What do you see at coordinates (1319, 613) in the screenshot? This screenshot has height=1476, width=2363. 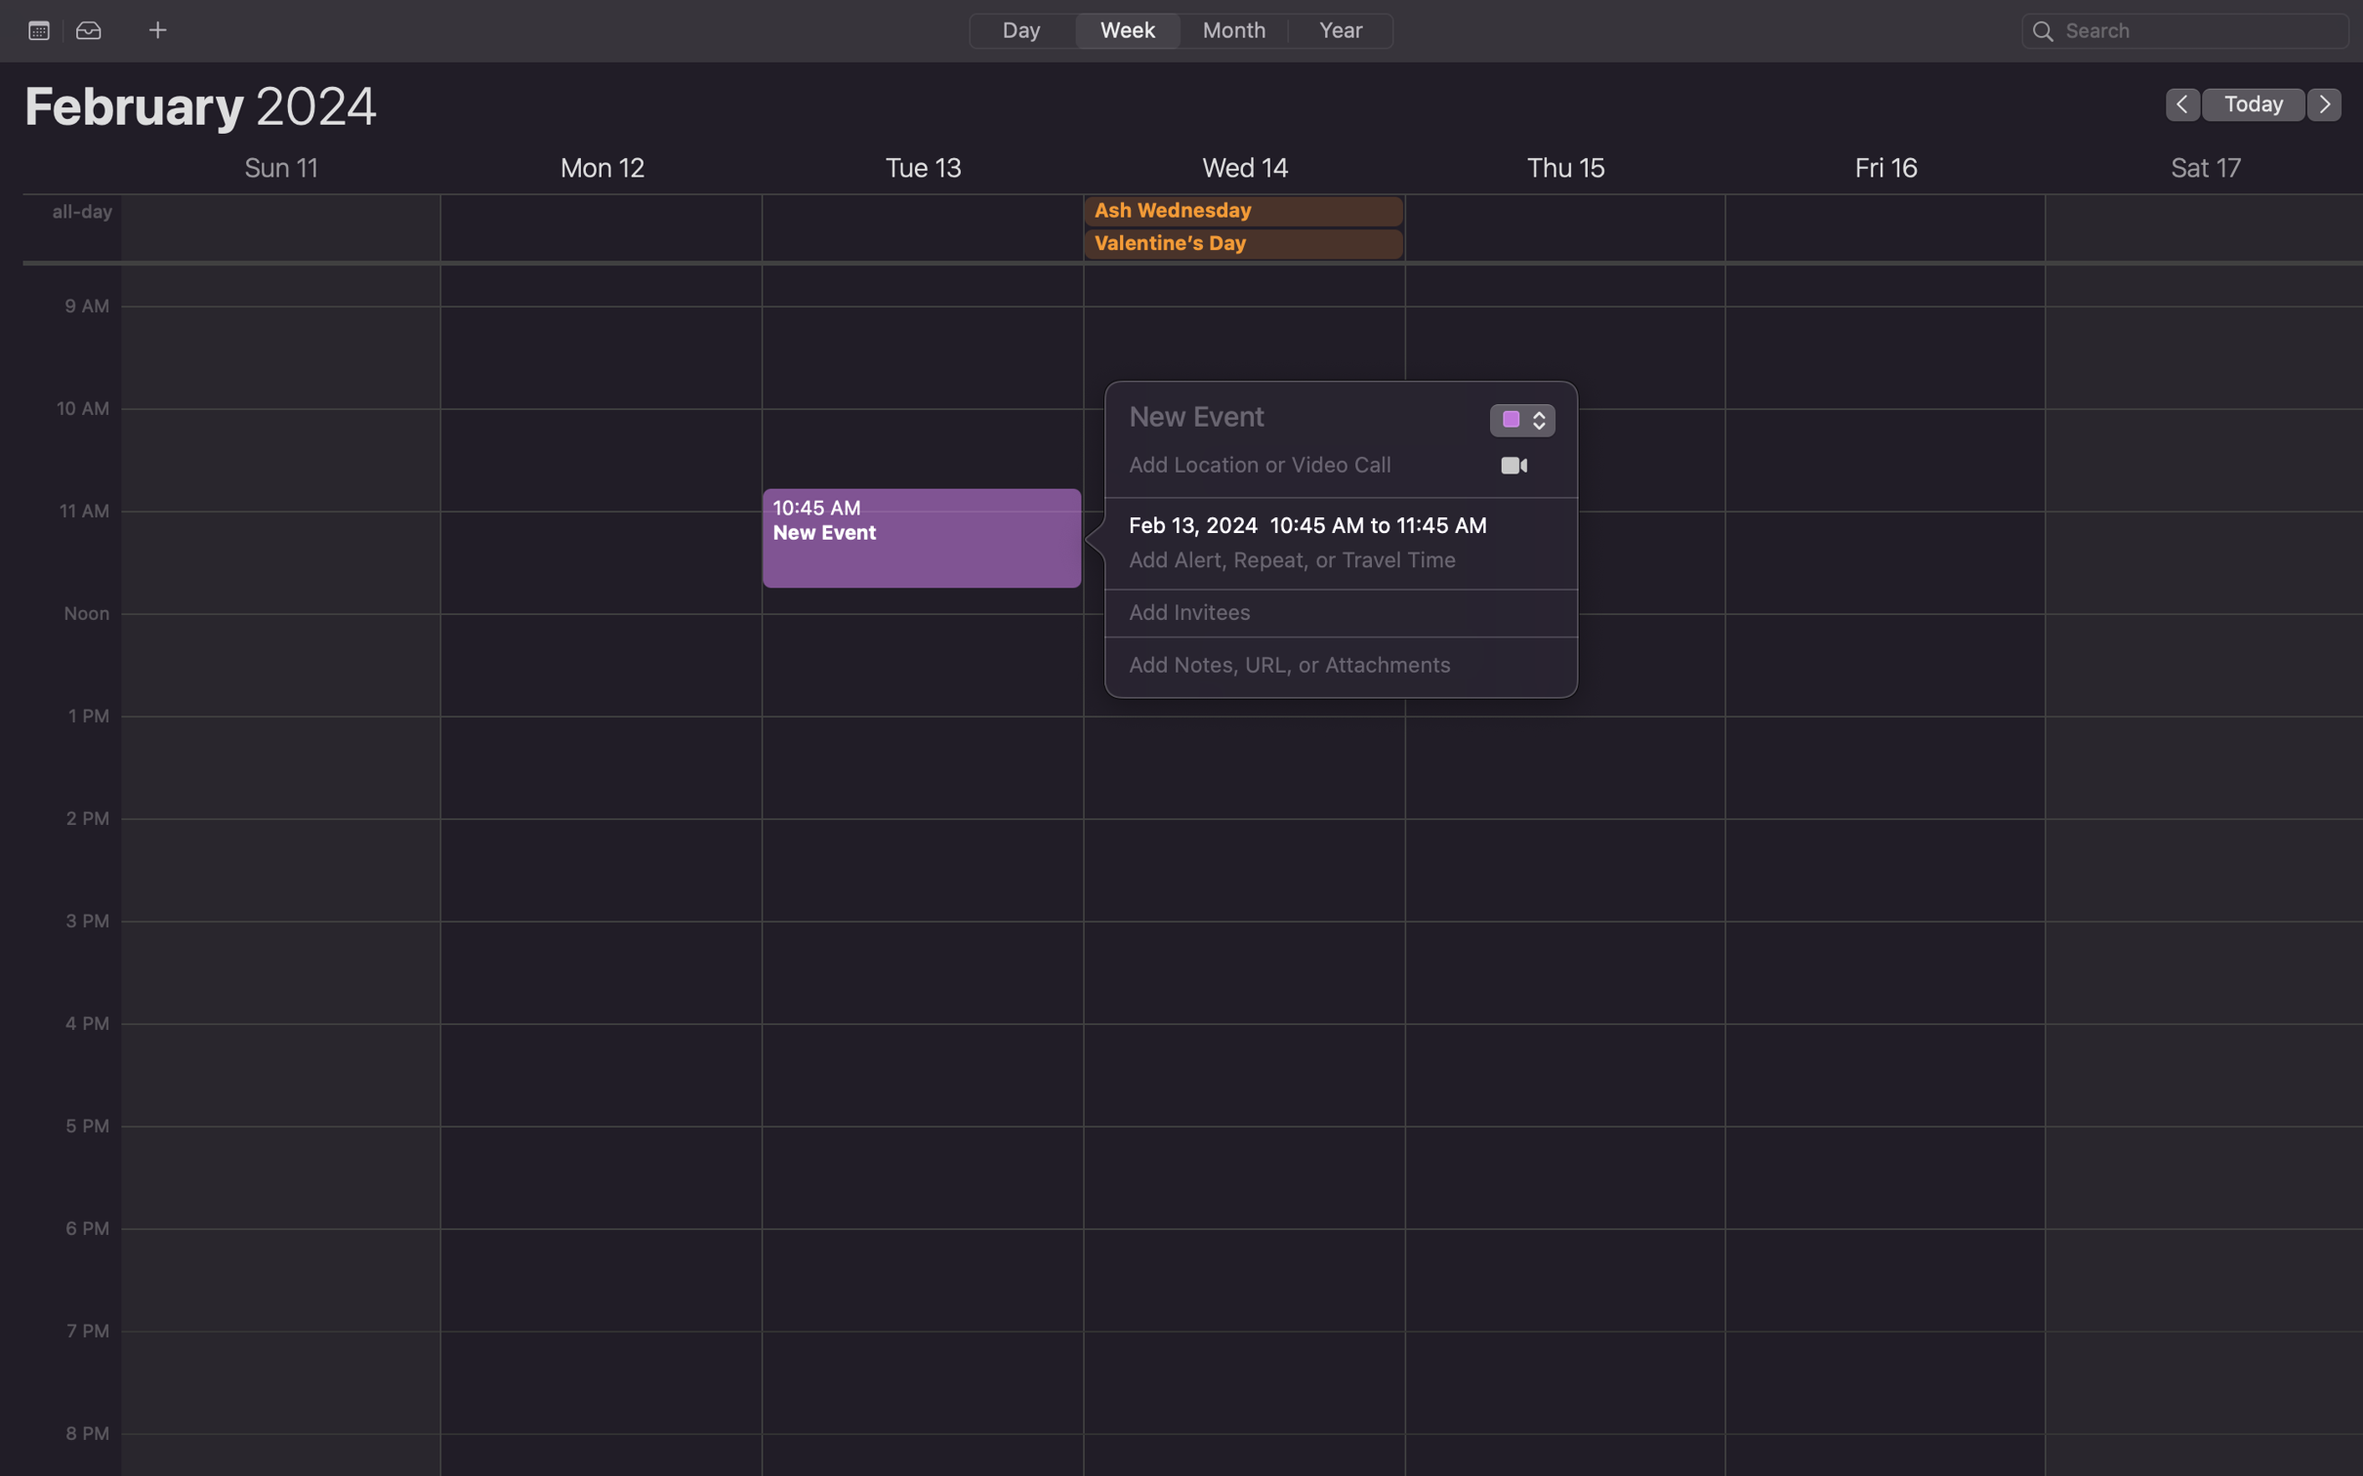 I see `Insert the guest with email "alice@gmail.com" in the invitee list` at bounding box center [1319, 613].